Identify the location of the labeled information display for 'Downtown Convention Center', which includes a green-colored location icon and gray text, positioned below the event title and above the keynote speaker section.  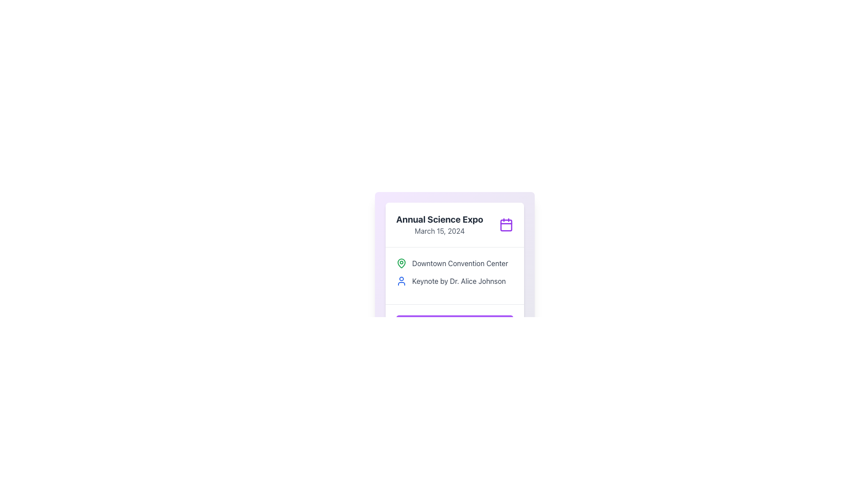
(455, 263).